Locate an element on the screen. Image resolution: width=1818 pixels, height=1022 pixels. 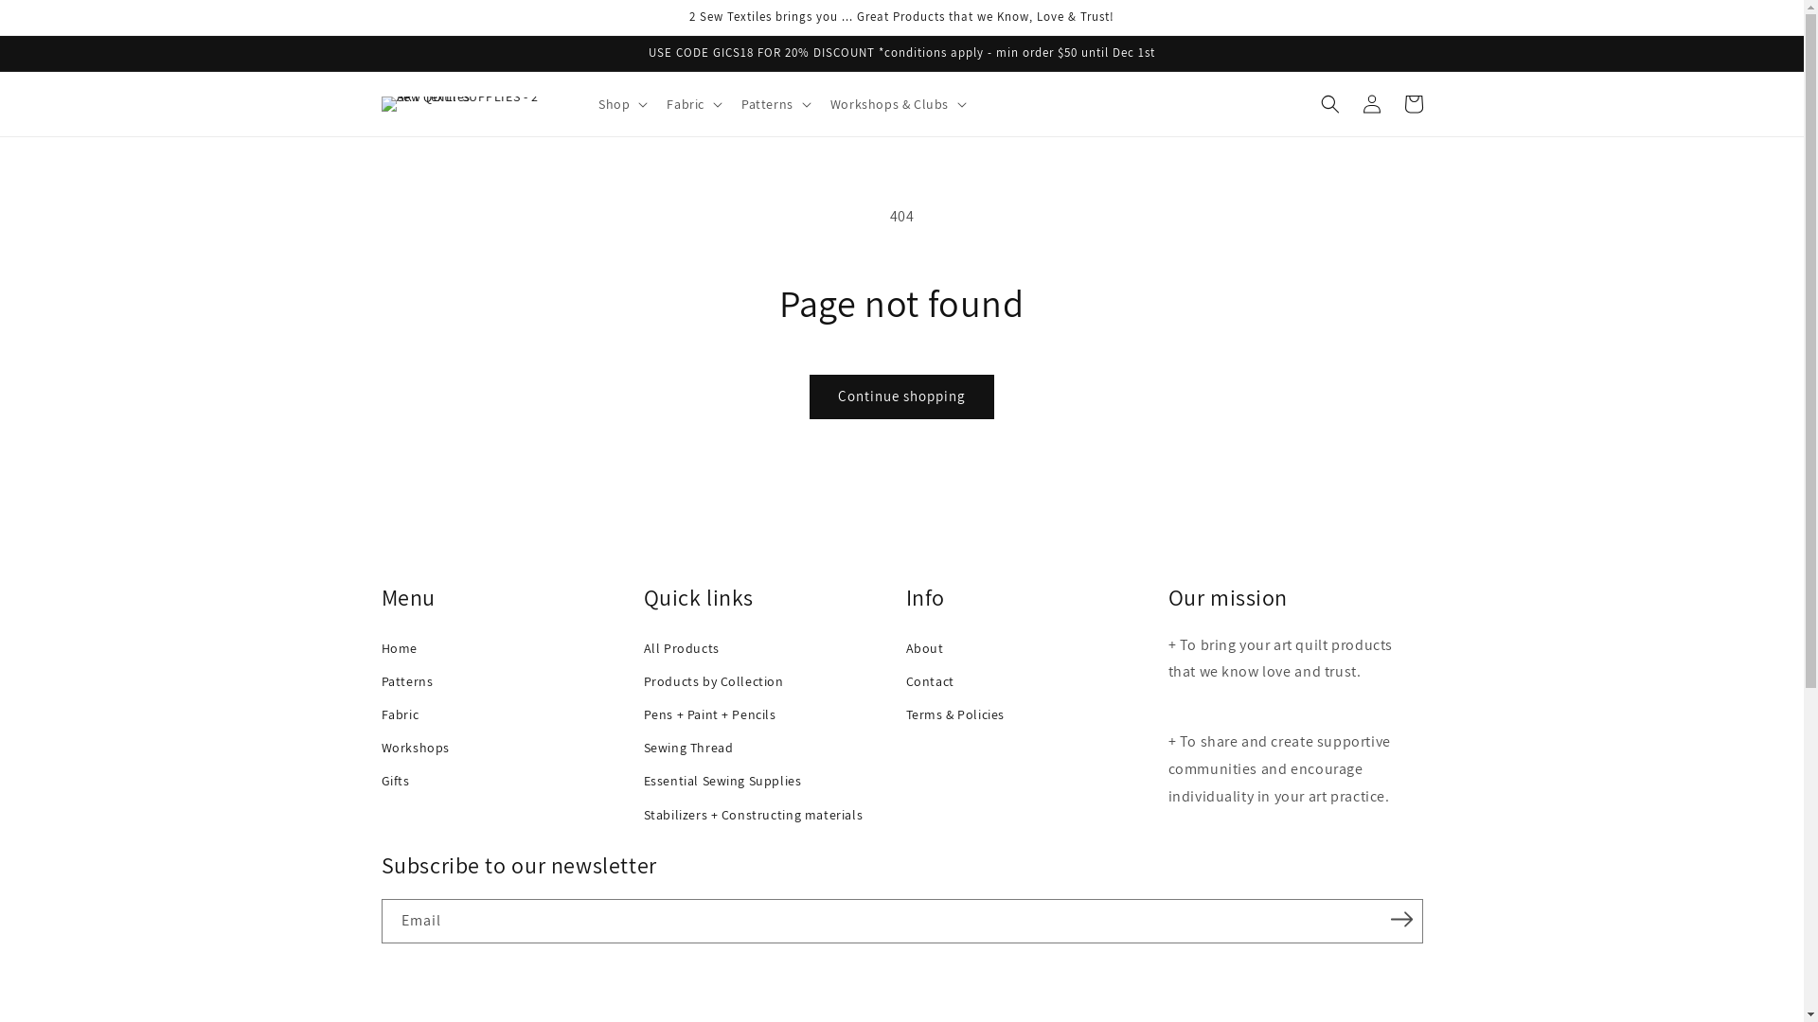
'Cart' is located at coordinates (1413, 104).